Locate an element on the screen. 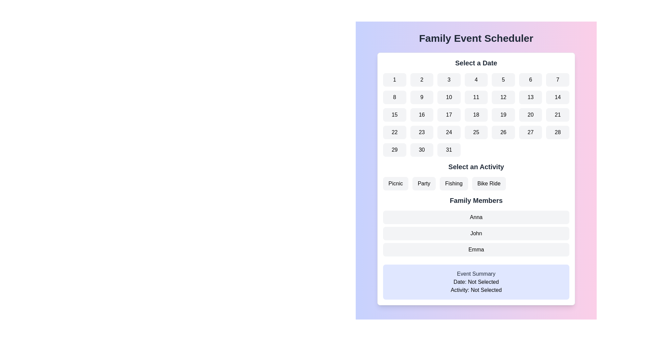 The height and width of the screenshot is (364, 648). the rectangular button displaying the number '4' in bold, with a gray background and rounded corners is located at coordinates (476, 79).